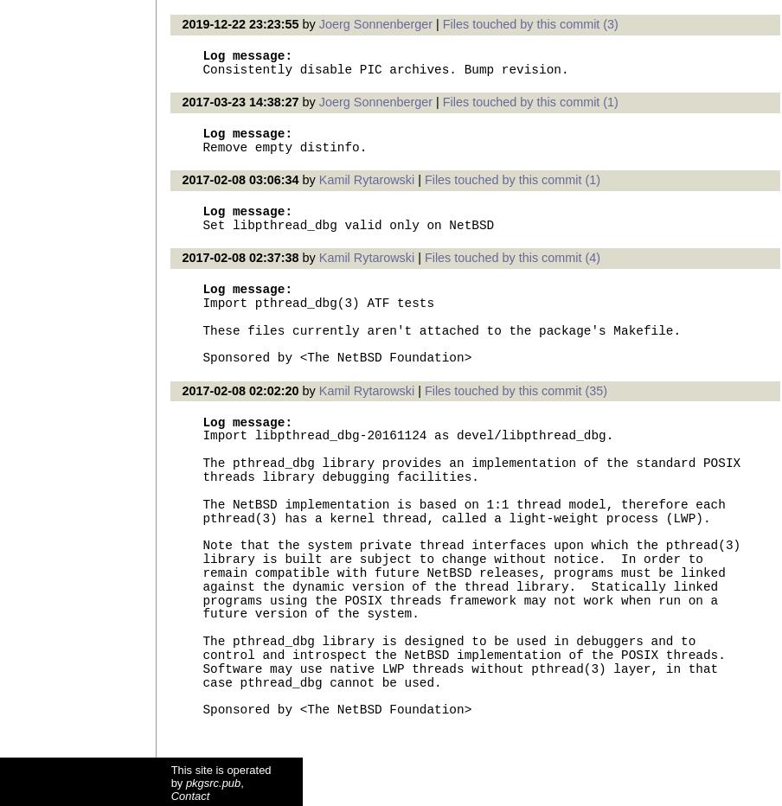  I want to click on 'Contact', so click(189, 795).